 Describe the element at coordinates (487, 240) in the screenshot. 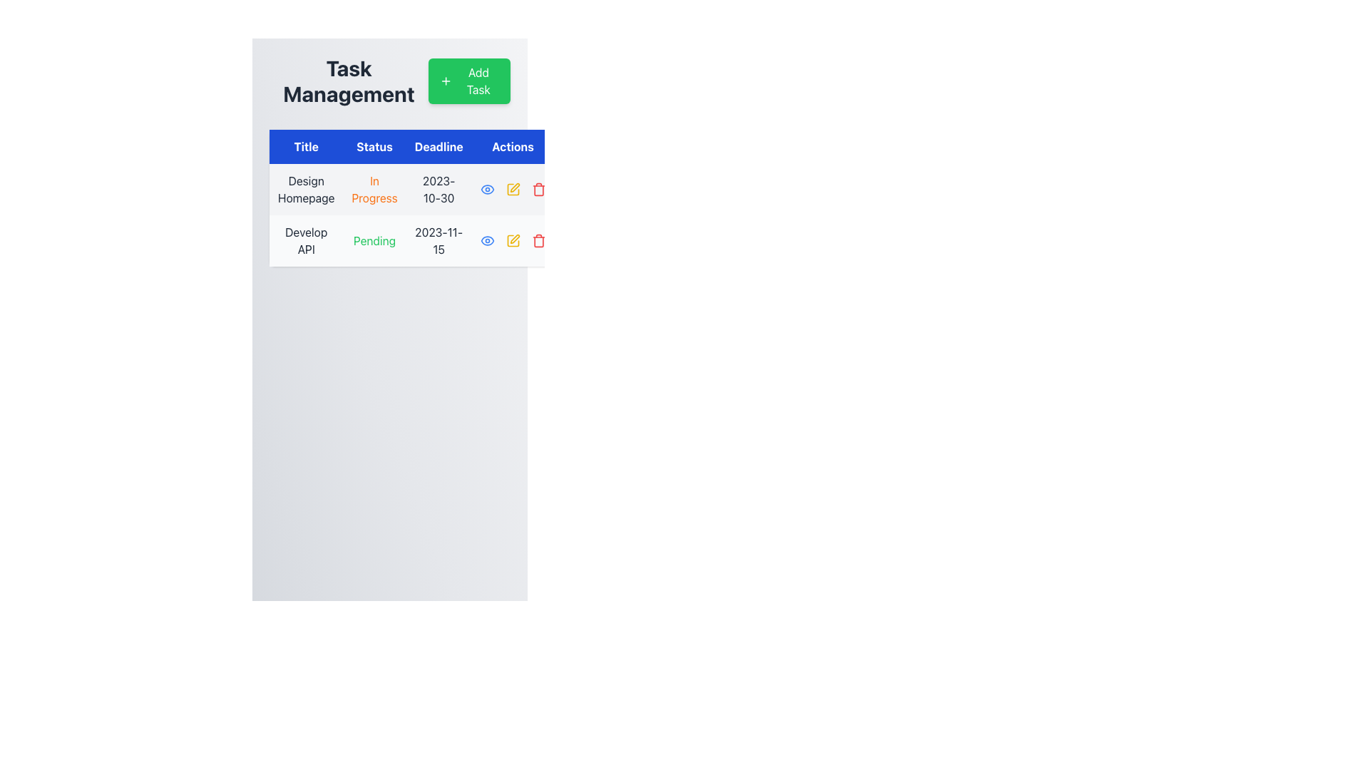

I see `the eye icon in the 'Actions' column of the first row of the table` at that location.